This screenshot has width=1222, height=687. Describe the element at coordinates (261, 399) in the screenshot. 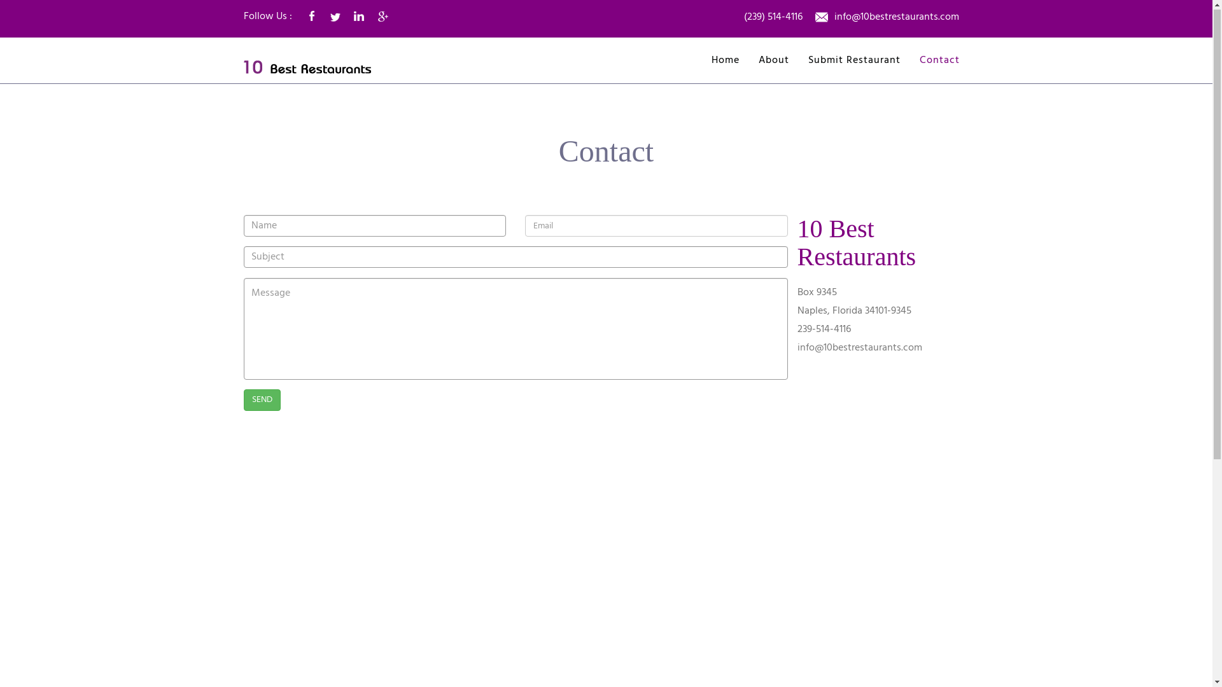

I see `'SEND'` at that location.